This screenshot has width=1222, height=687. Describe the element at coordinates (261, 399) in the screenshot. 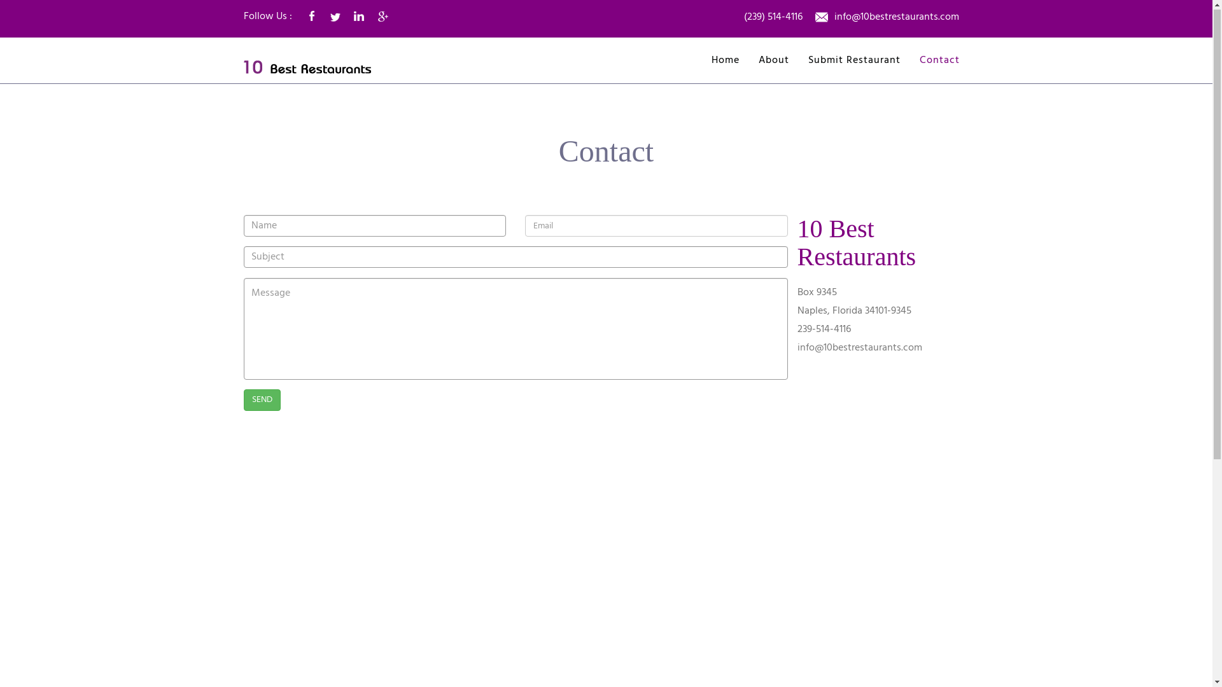

I see `'SEND'` at that location.